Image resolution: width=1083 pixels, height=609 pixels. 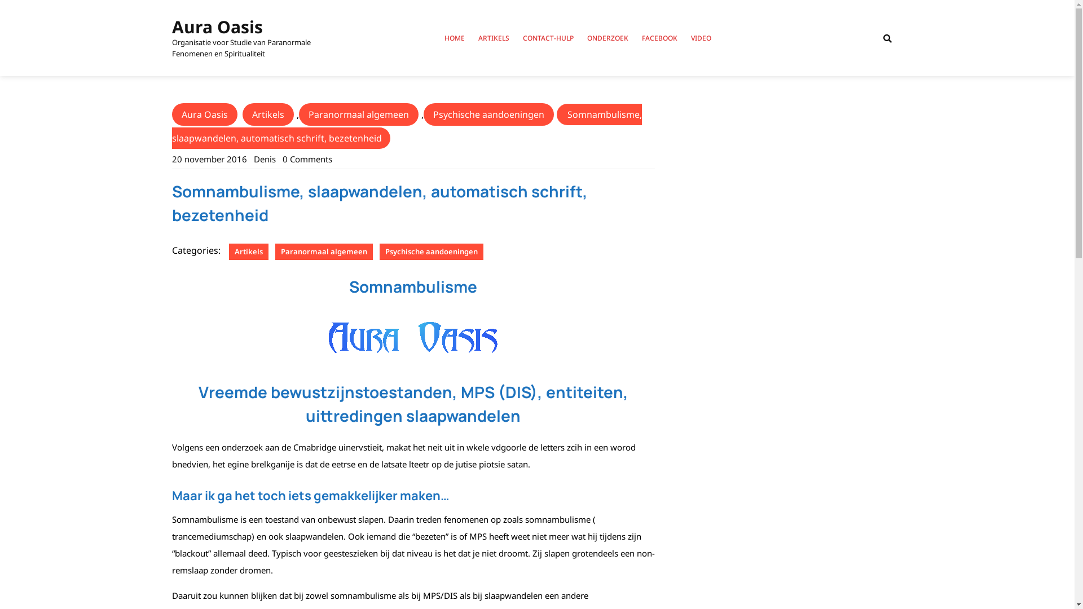 What do you see at coordinates (242, 114) in the screenshot?
I see `'Artikels'` at bounding box center [242, 114].